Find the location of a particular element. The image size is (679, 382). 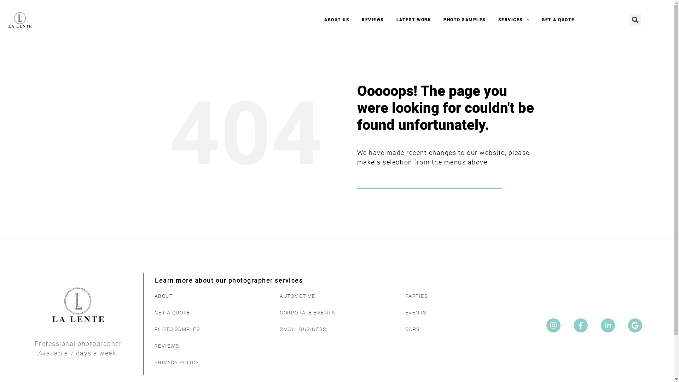

'EVENTS' is located at coordinates (398, 312).